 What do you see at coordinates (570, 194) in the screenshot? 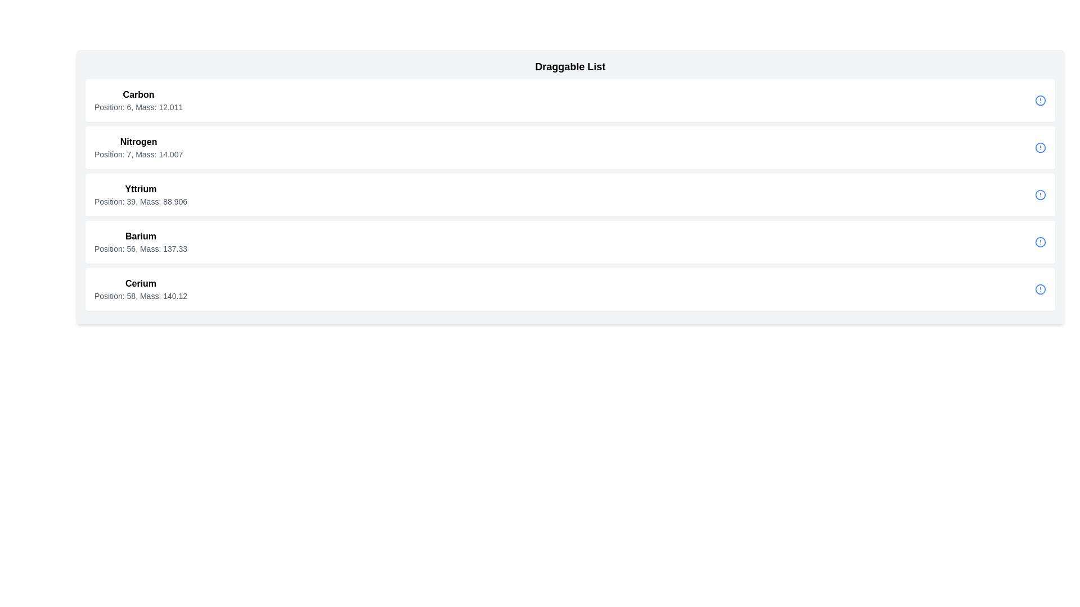
I see `the 'Yttrium' card interface element, which is the third item in the vertical list under the title 'Draggable List'` at bounding box center [570, 194].